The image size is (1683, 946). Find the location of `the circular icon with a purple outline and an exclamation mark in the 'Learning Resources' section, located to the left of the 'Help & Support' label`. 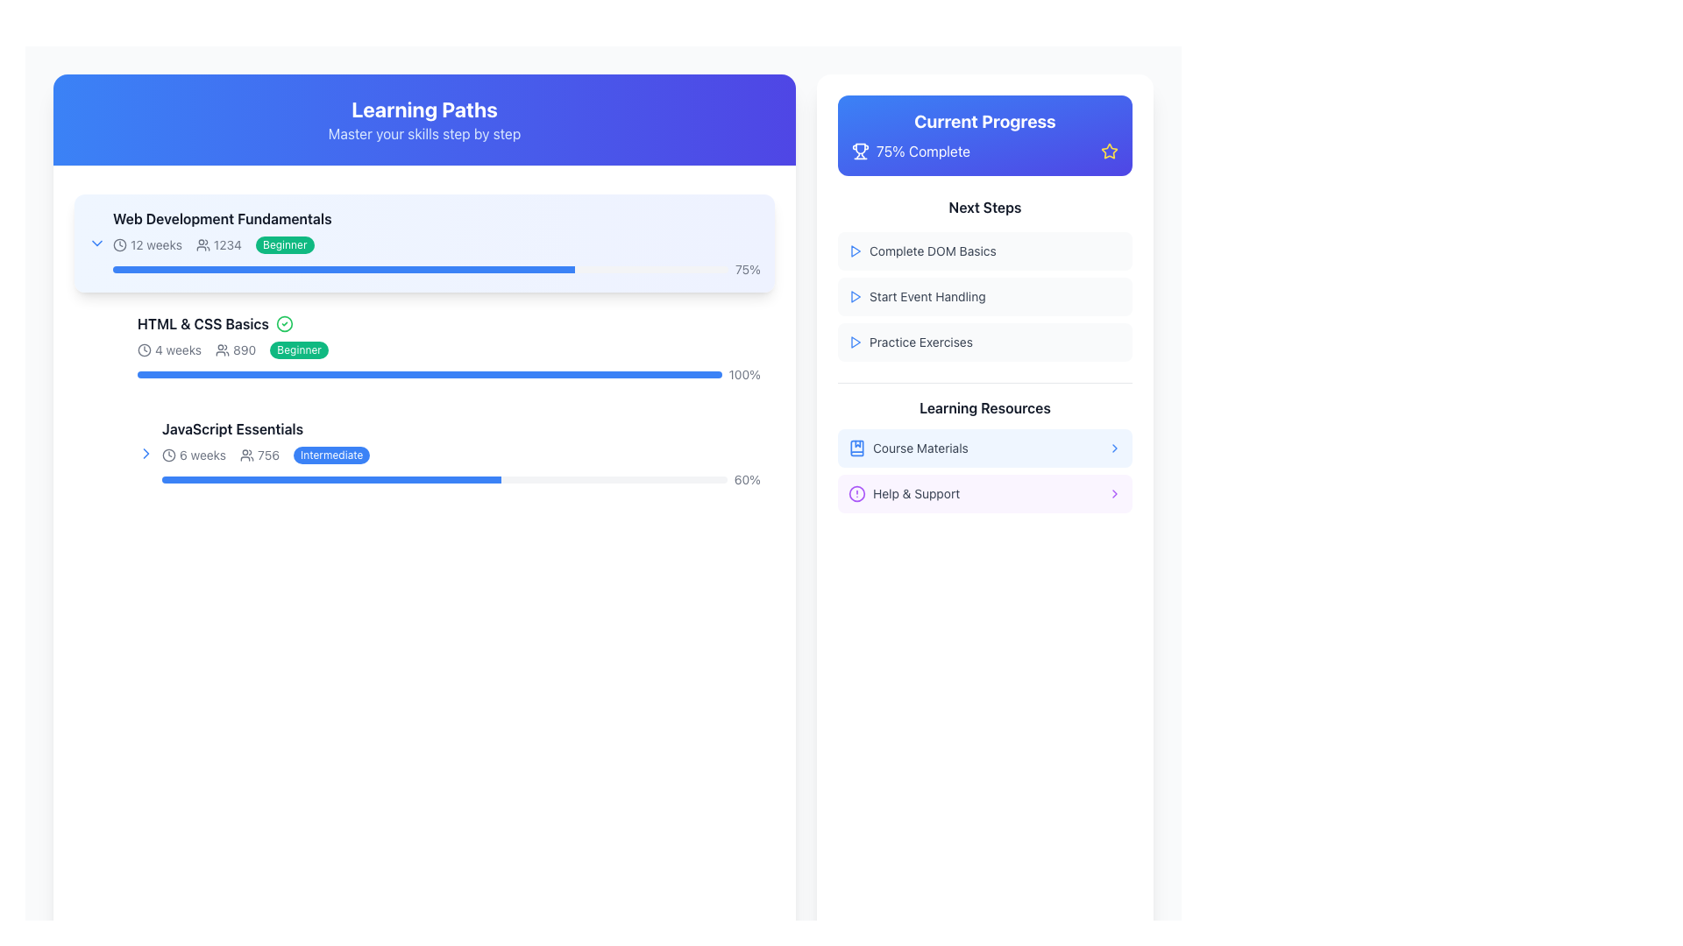

the circular icon with a purple outline and an exclamation mark in the 'Learning Resources' section, located to the left of the 'Help & Support' label is located at coordinates (857, 493).